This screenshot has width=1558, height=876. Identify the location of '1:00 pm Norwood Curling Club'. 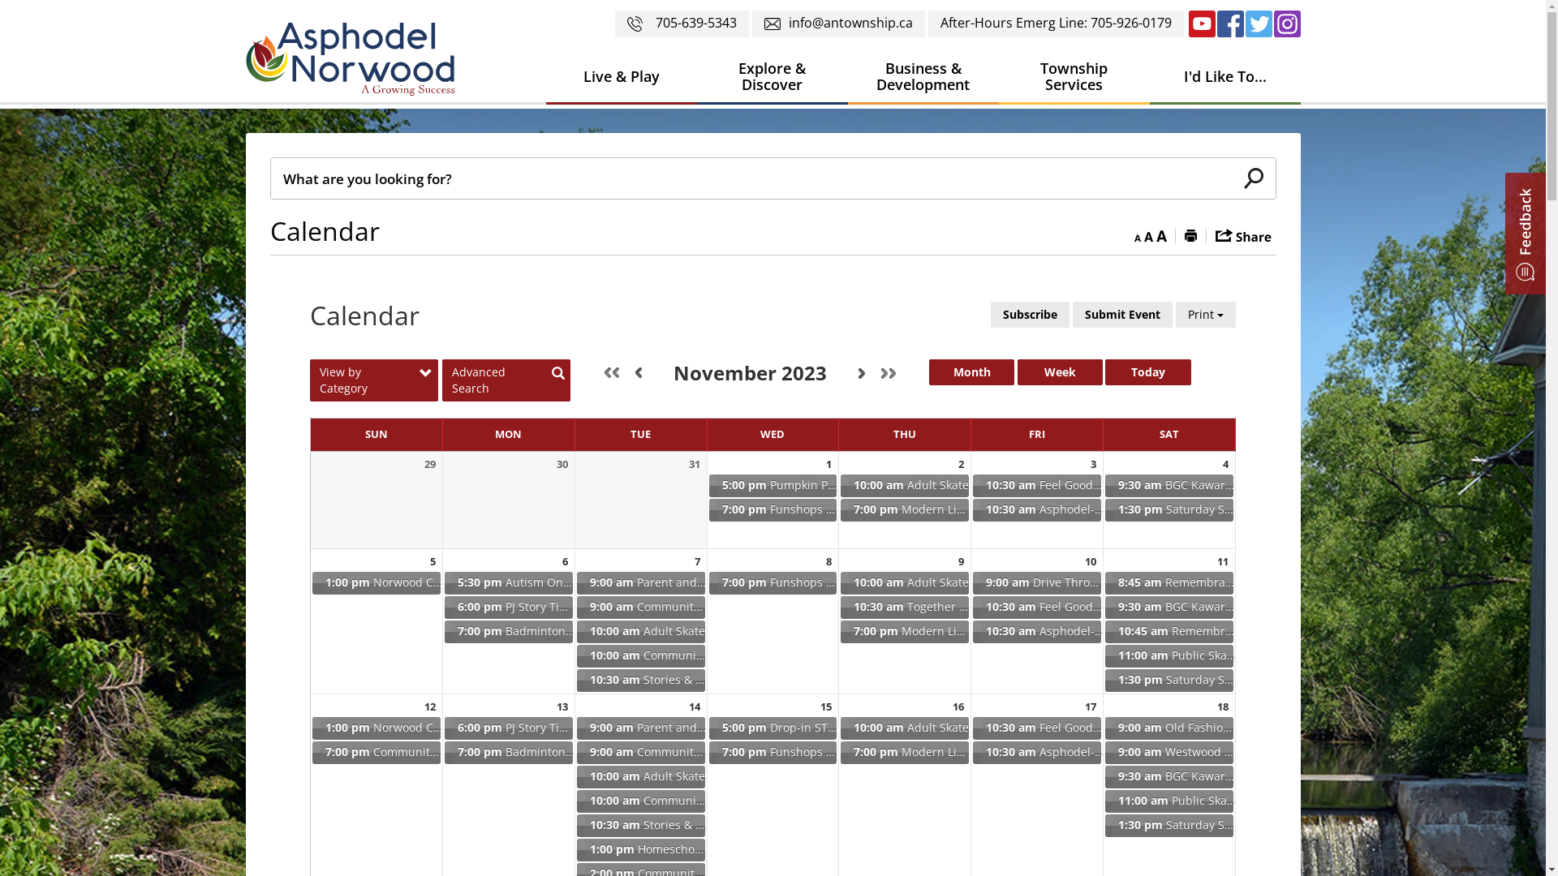
(311, 582).